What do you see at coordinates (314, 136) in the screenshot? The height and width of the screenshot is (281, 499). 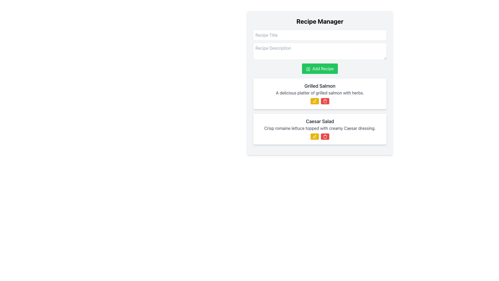 I see `the edit button for the 'Caesar Salad' item` at bounding box center [314, 136].